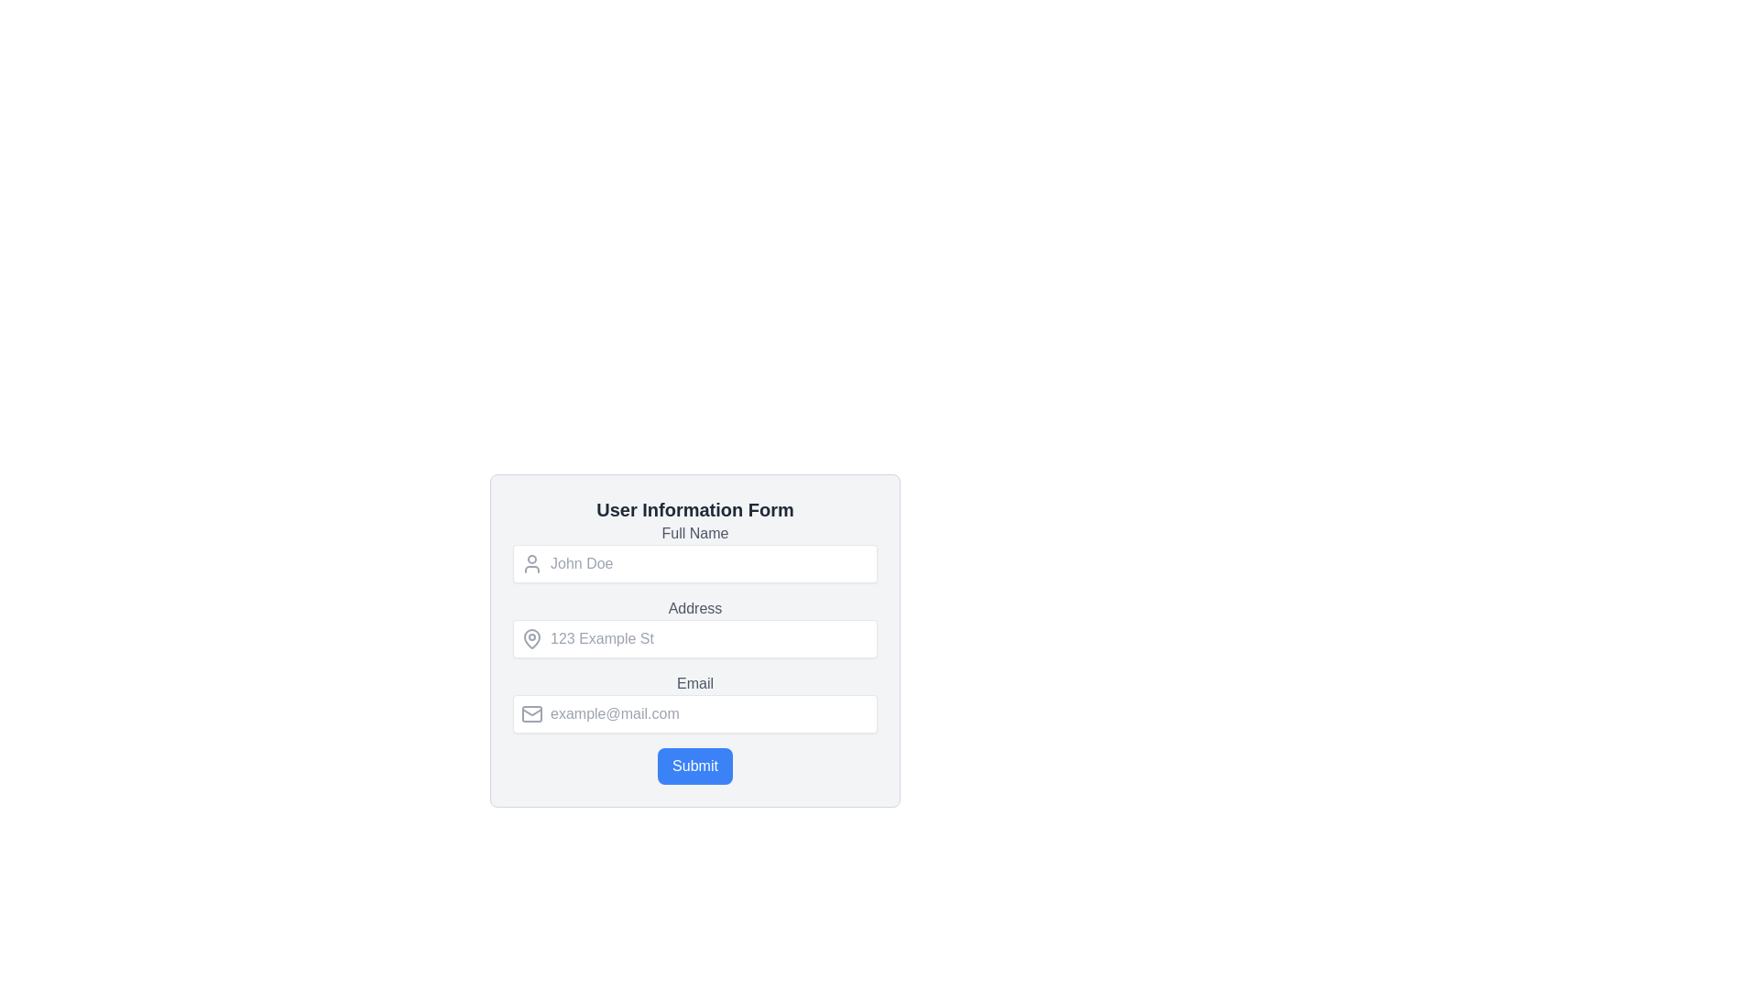  Describe the element at coordinates (694, 712) in the screenshot. I see `the email input field` at that location.